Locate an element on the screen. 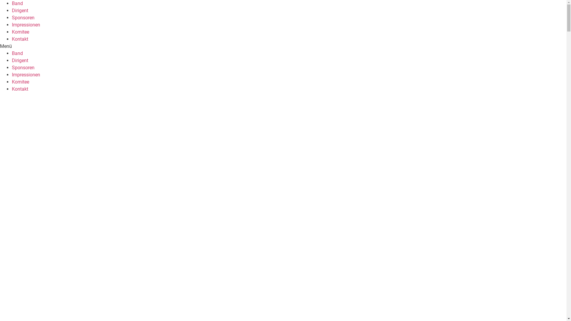 The image size is (571, 321). 'Dirigent' is located at coordinates (20, 10).